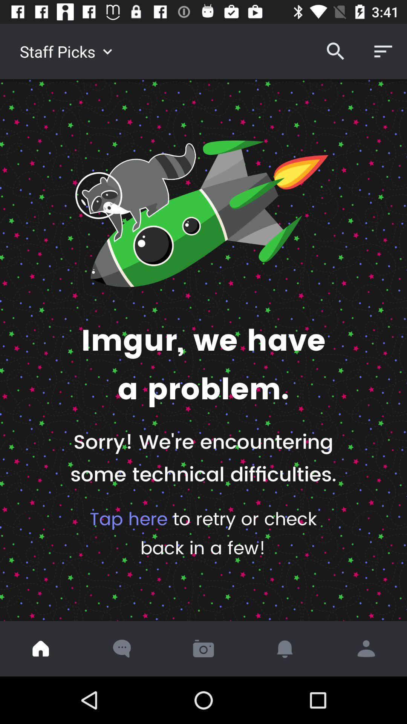 This screenshot has height=724, width=407. What do you see at coordinates (41, 648) in the screenshot?
I see `item below the tap here to` at bounding box center [41, 648].